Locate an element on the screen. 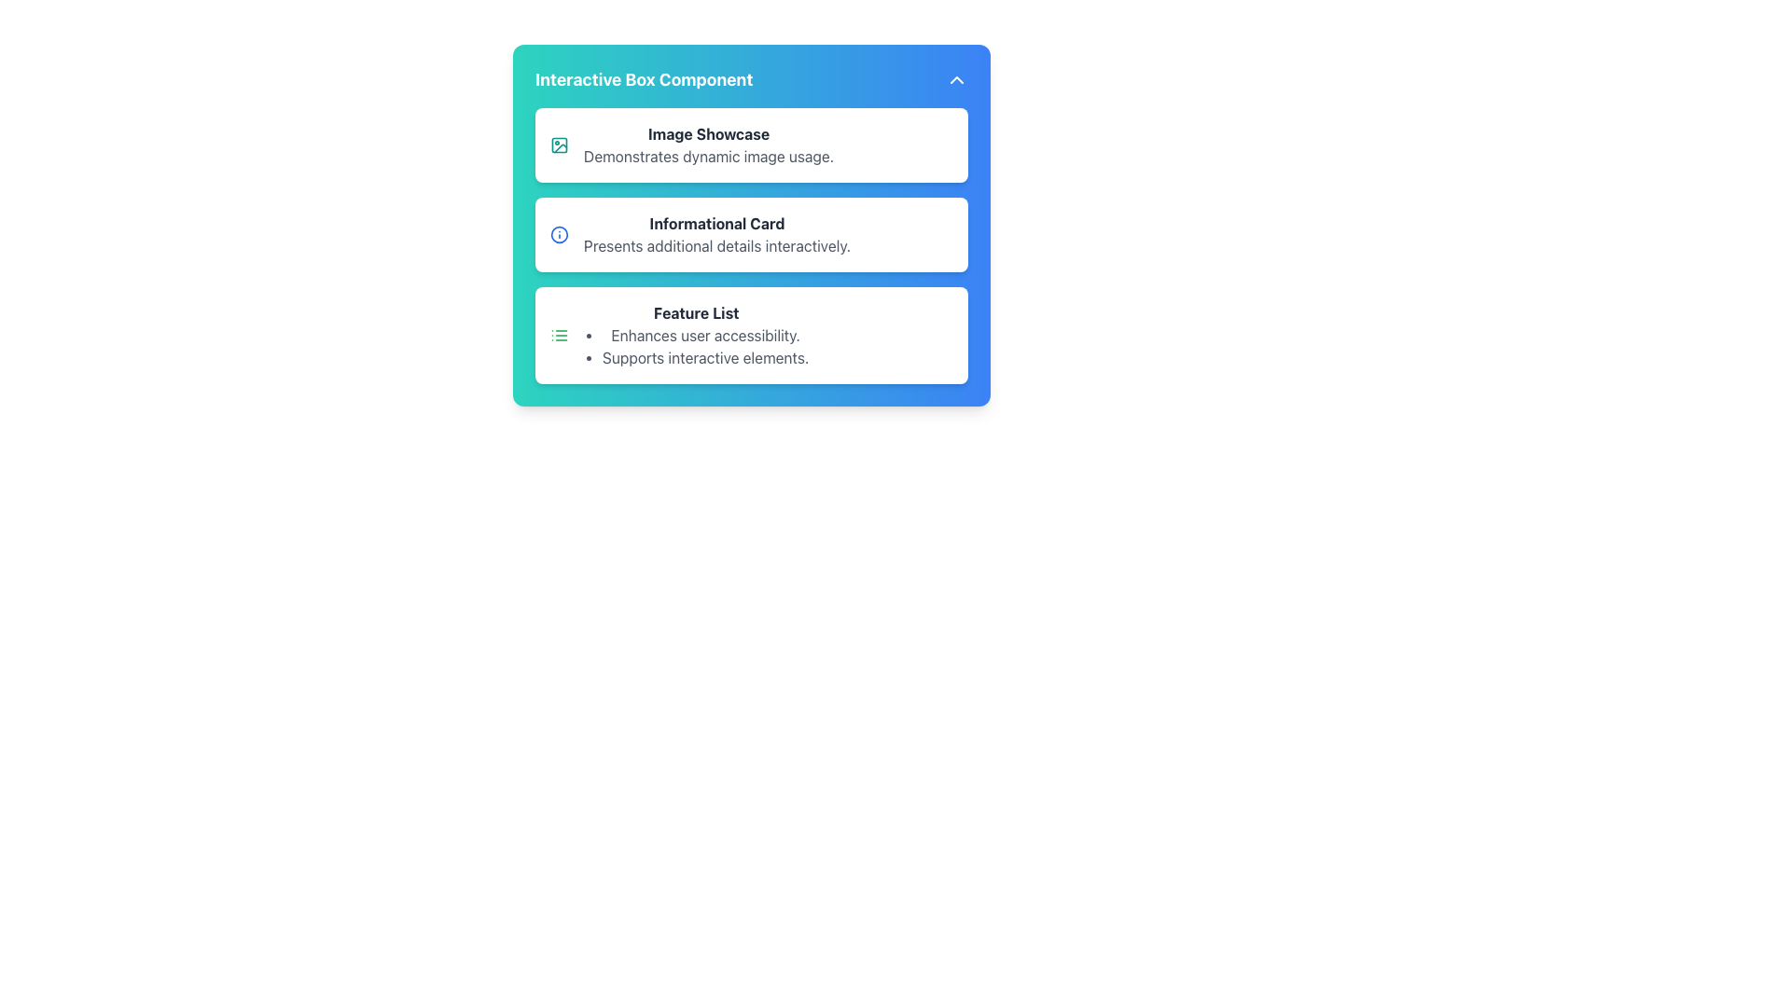  information presented in the Text Block titled 'Feature List' which contains bullet points about user accessibility and interactive elements is located at coordinates (695, 334).